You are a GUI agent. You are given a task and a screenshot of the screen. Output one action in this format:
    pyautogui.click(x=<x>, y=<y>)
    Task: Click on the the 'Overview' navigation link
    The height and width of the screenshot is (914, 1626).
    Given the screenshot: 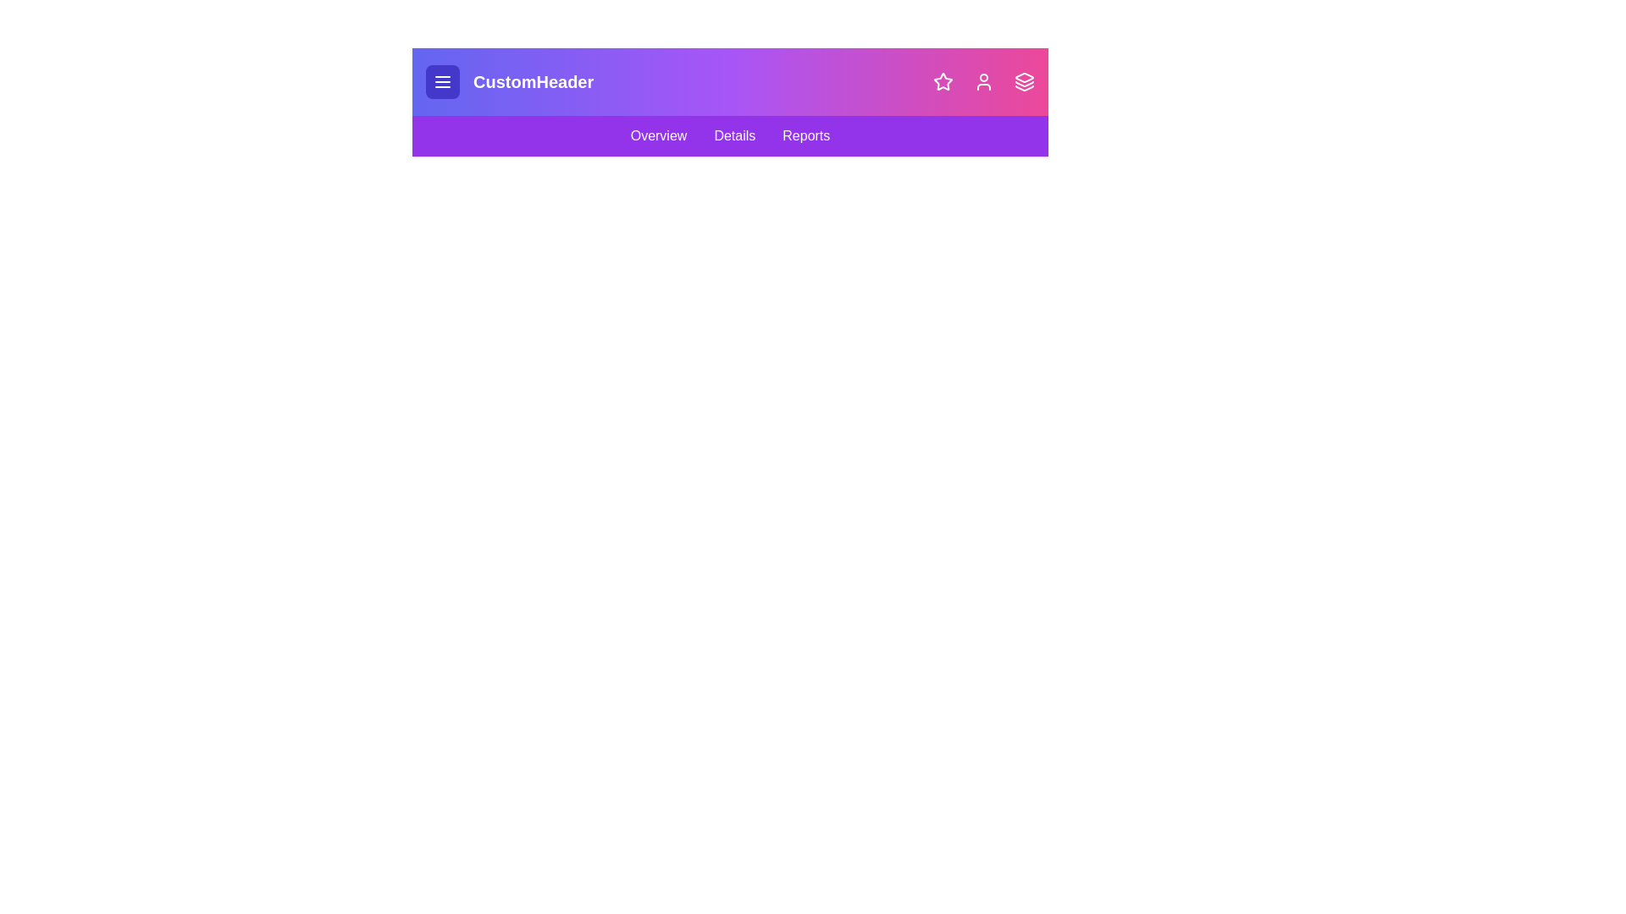 What is the action you would take?
    pyautogui.click(x=657, y=135)
    